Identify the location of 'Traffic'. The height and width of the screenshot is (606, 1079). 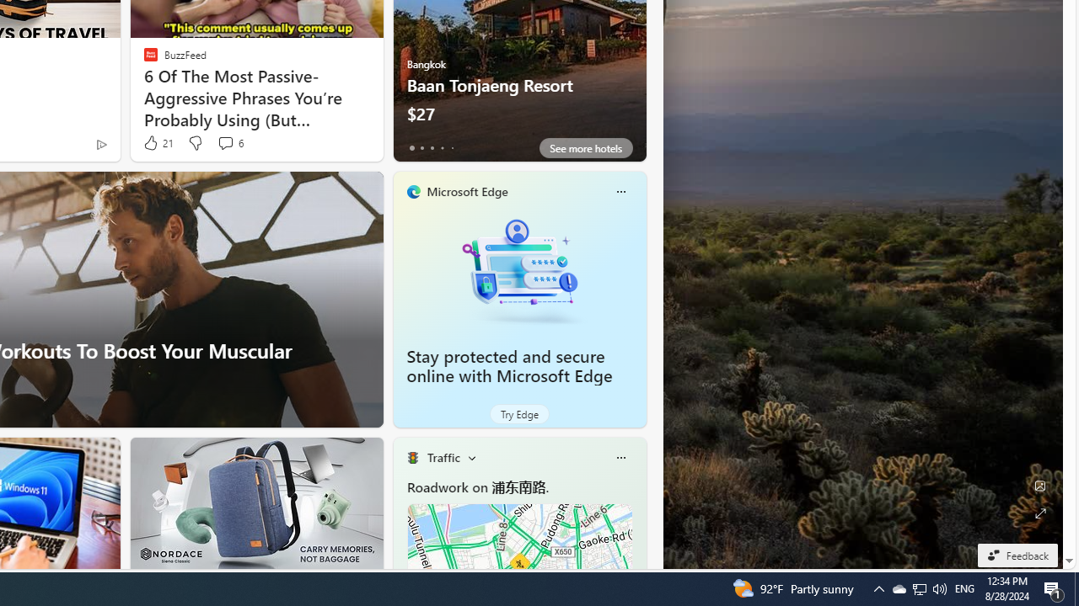
(443, 457).